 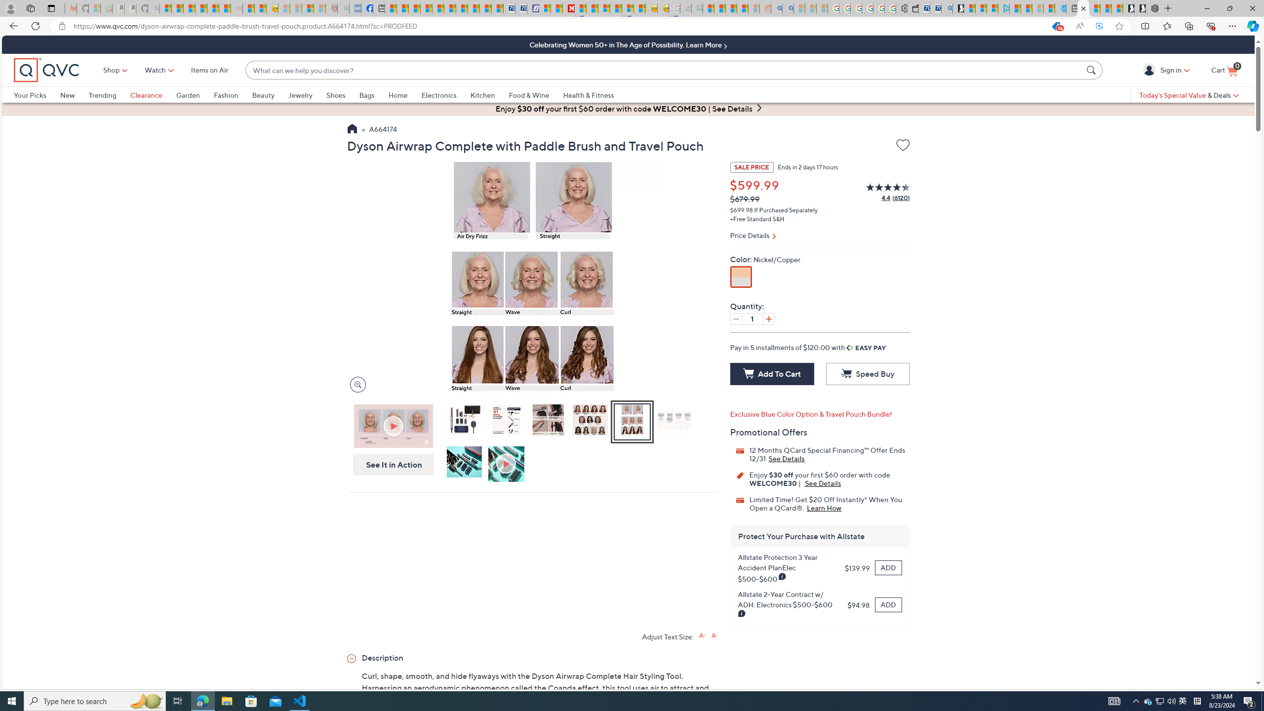 What do you see at coordinates (819, 236) in the screenshot?
I see `'Price Details'` at bounding box center [819, 236].